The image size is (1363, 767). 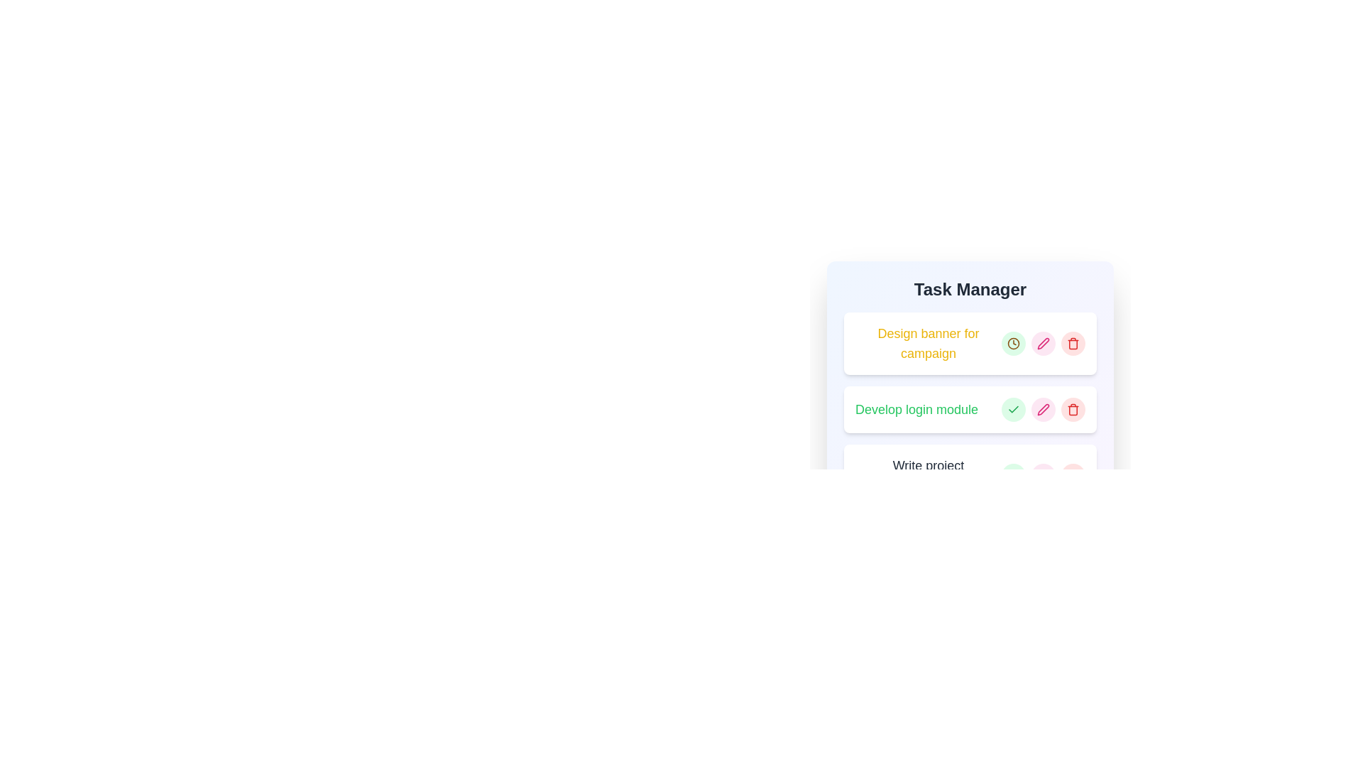 I want to click on header text located at the top-center of the task management interface, which introduces the content of the section, so click(x=970, y=289).